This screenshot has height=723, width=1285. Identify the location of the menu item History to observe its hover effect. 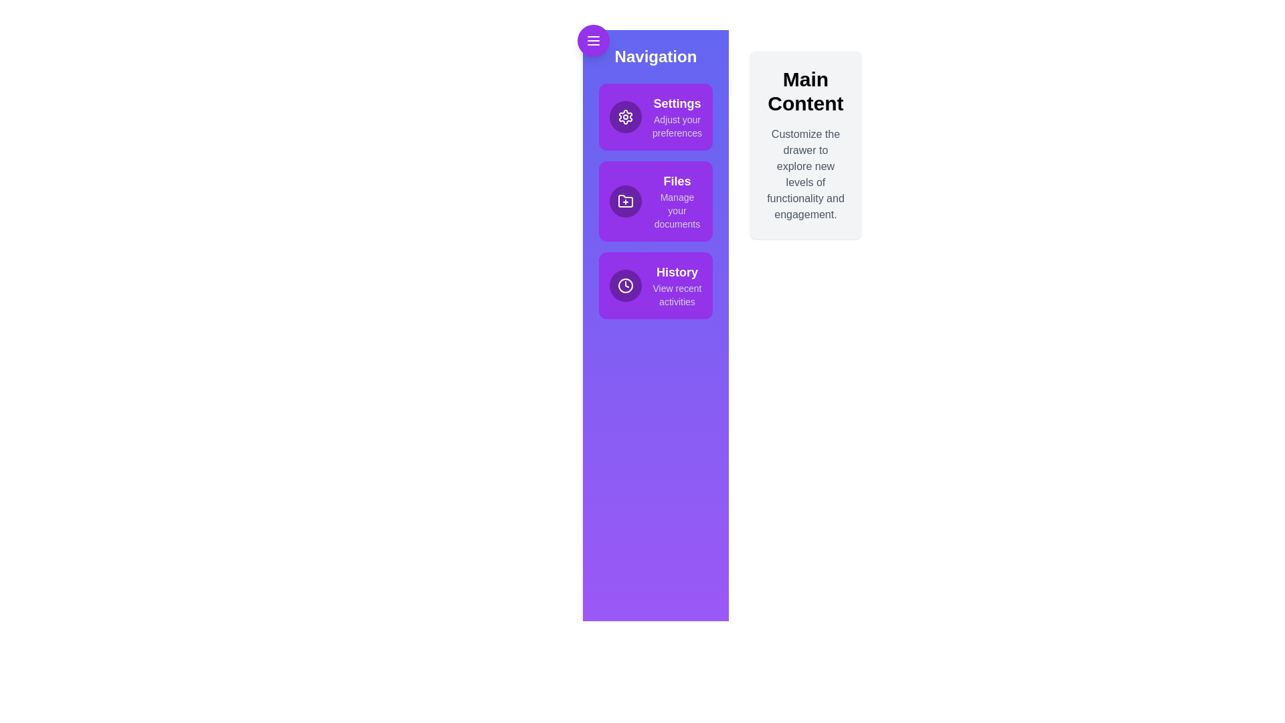
(655, 285).